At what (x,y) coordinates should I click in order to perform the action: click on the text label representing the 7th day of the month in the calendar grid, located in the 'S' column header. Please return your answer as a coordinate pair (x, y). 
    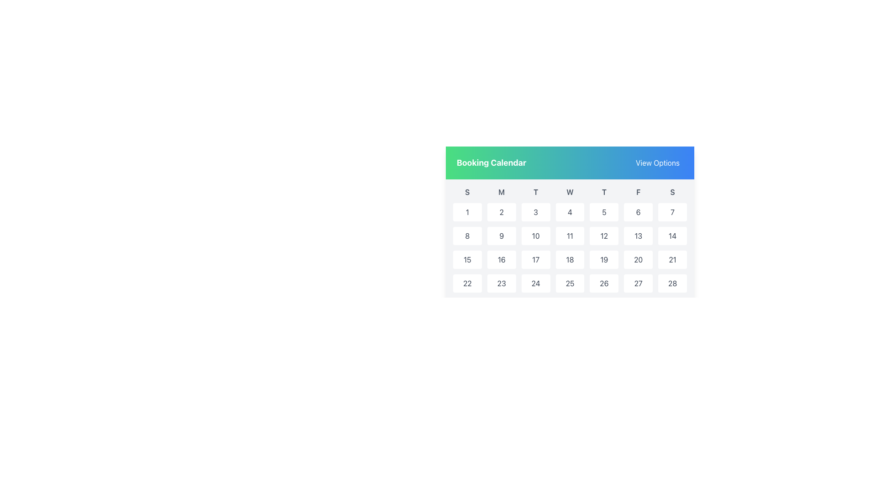
    Looking at the image, I should click on (672, 212).